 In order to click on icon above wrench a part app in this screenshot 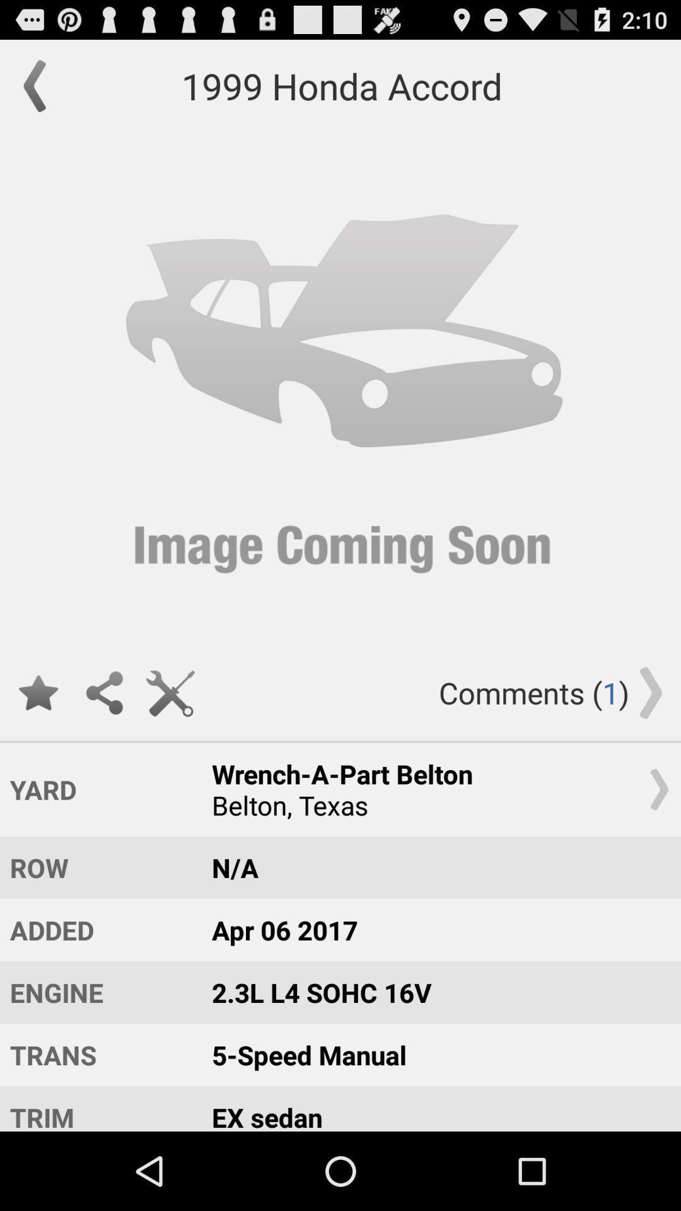, I will do `click(170, 692)`.